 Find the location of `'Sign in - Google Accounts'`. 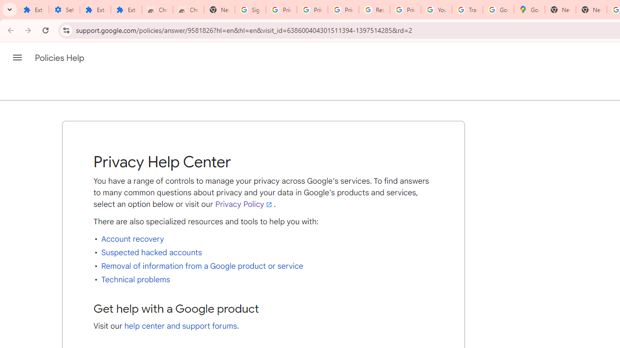

'Sign in - Google Accounts' is located at coordinates (250, 10).